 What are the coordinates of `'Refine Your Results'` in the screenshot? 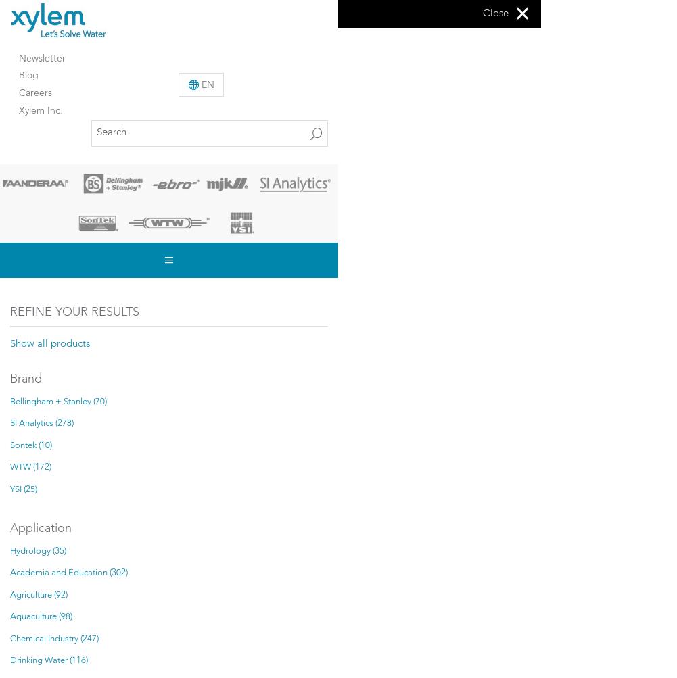 It's located at (74, 311).